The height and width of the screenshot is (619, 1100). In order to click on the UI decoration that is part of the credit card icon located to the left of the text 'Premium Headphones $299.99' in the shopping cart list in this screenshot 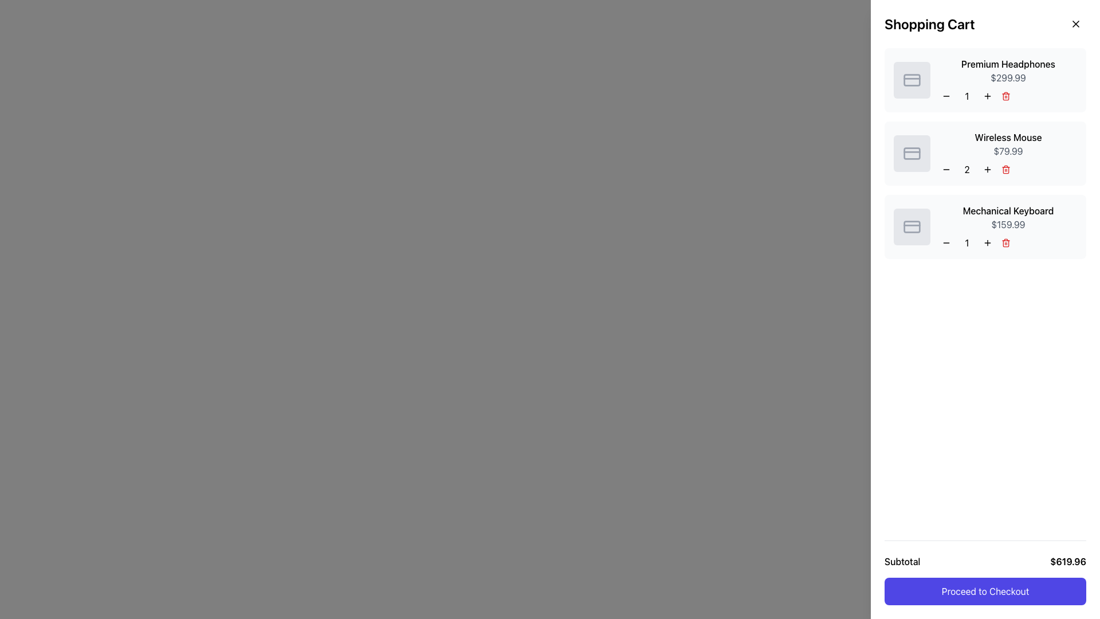, I will do `click(912, 79)`.